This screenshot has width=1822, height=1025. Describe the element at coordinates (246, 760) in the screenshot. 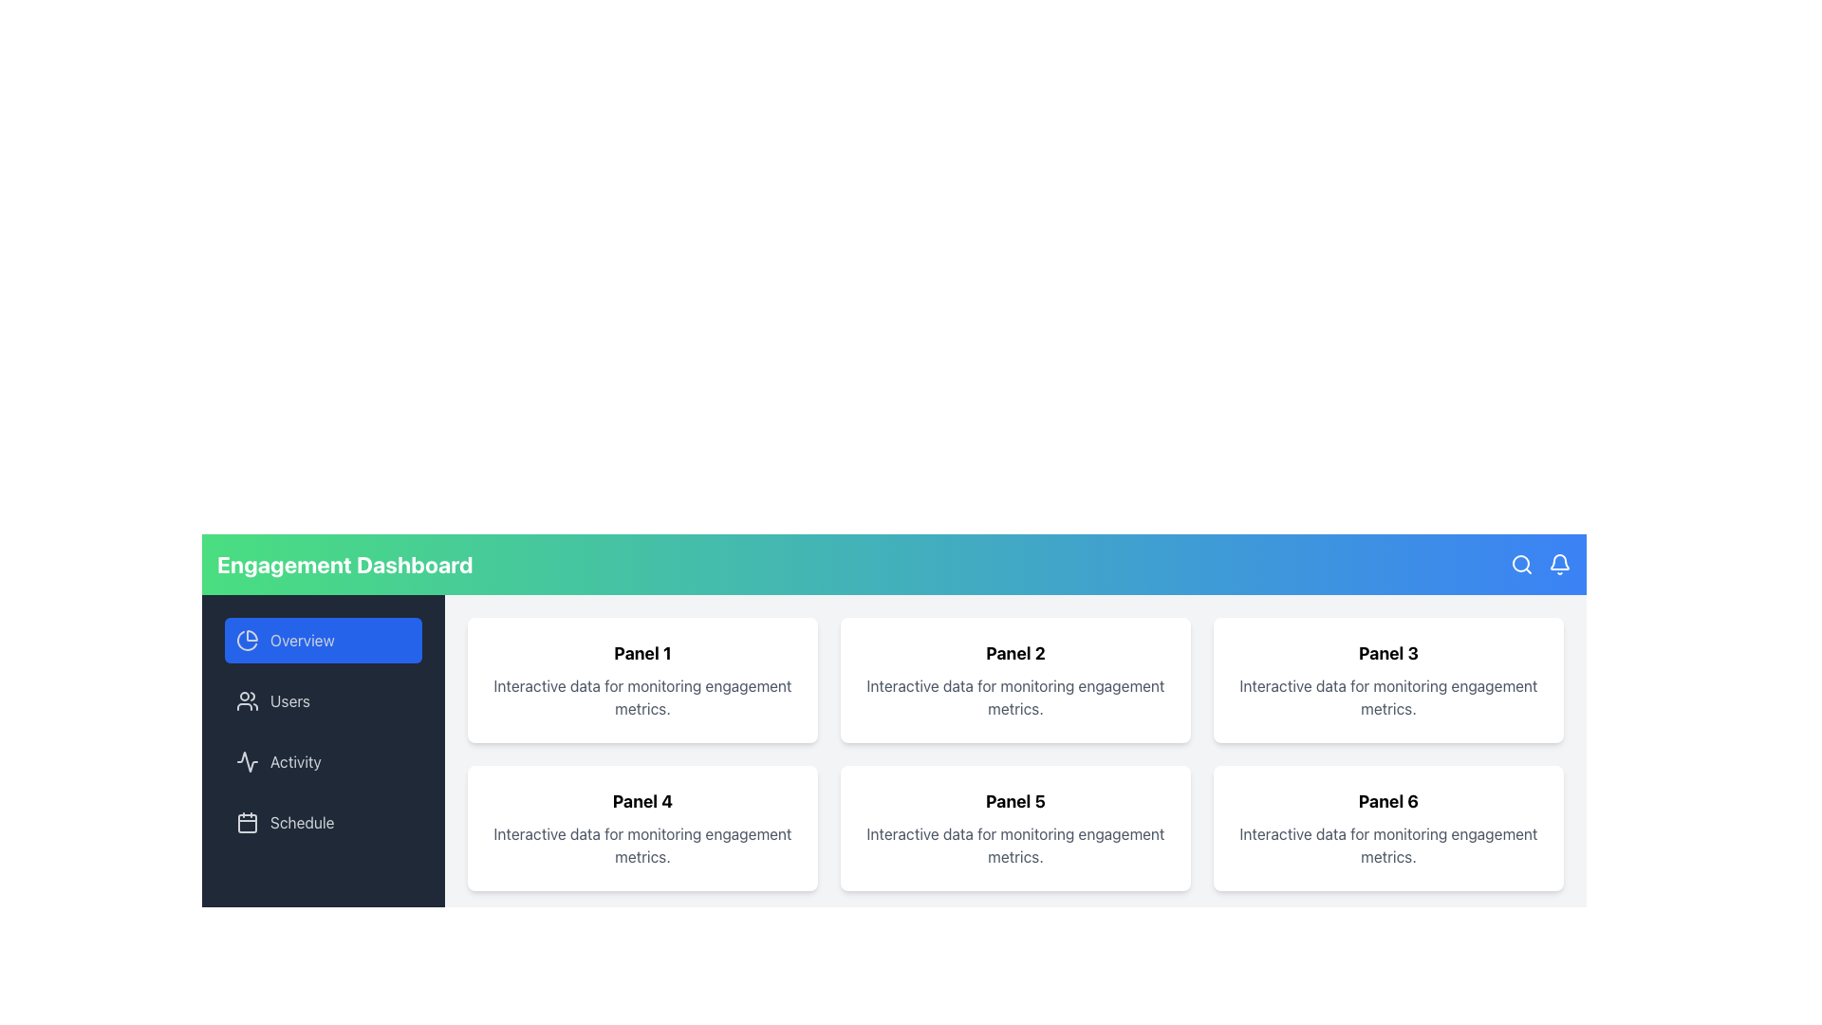

I see `the 'Activity' icon located in the left side navigation bar` at that location.